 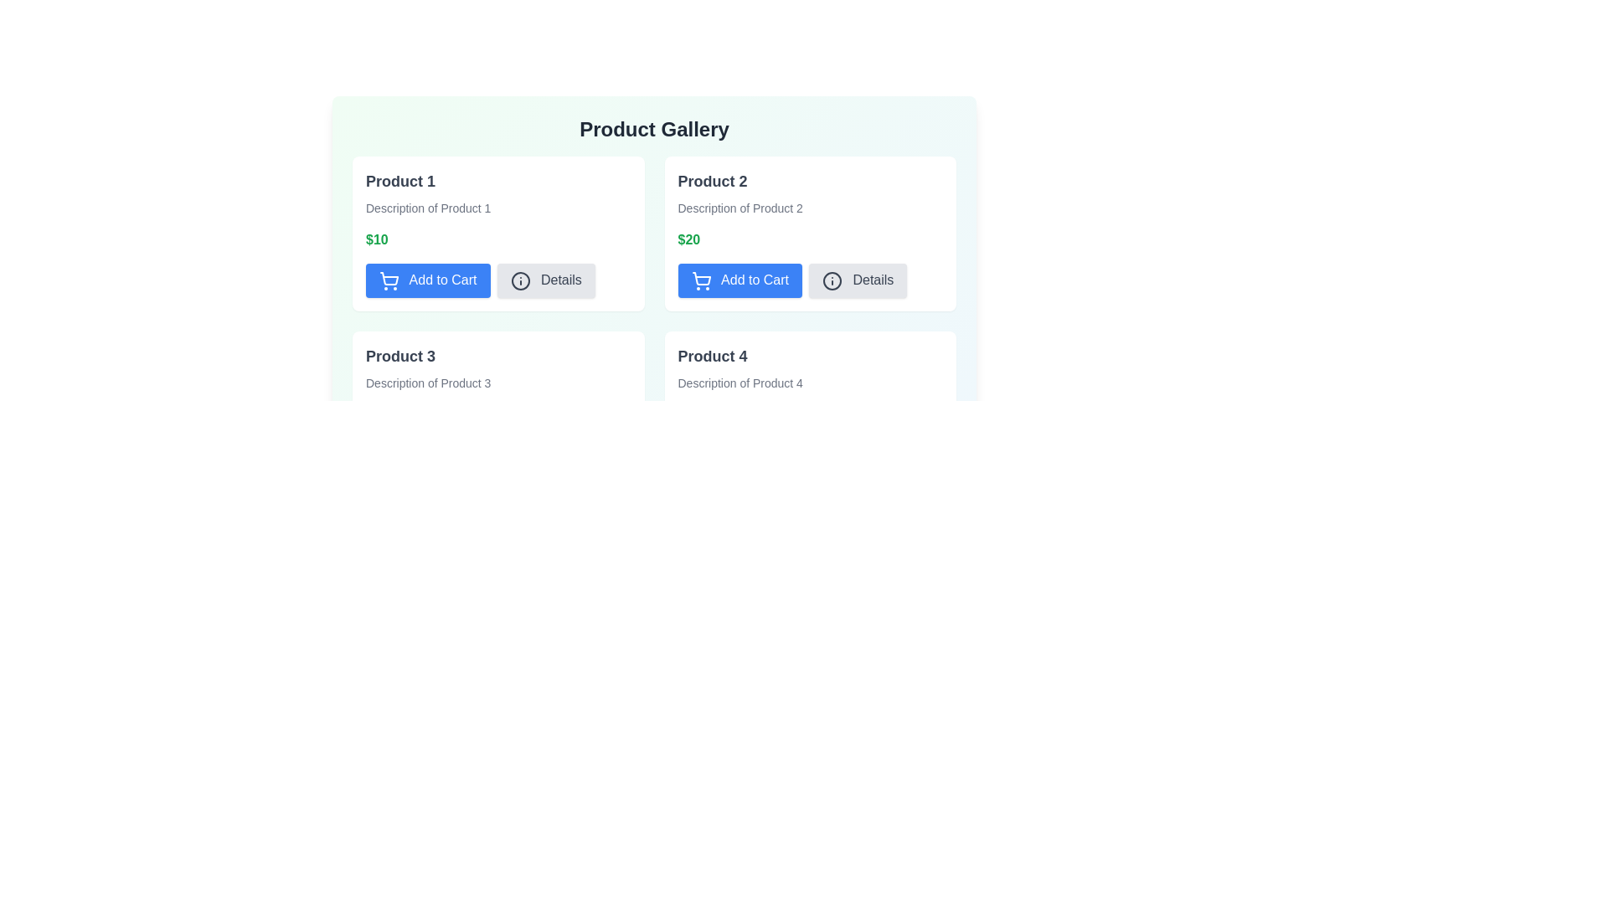 What do you see at coordinates (739, 280) in the screenshot?
I see `the 'Add to Cart' button, which is a rectangular blue button with white text and a shopping cart icon, located in the second column below Product 2's details` at bounding box center [739, 280].